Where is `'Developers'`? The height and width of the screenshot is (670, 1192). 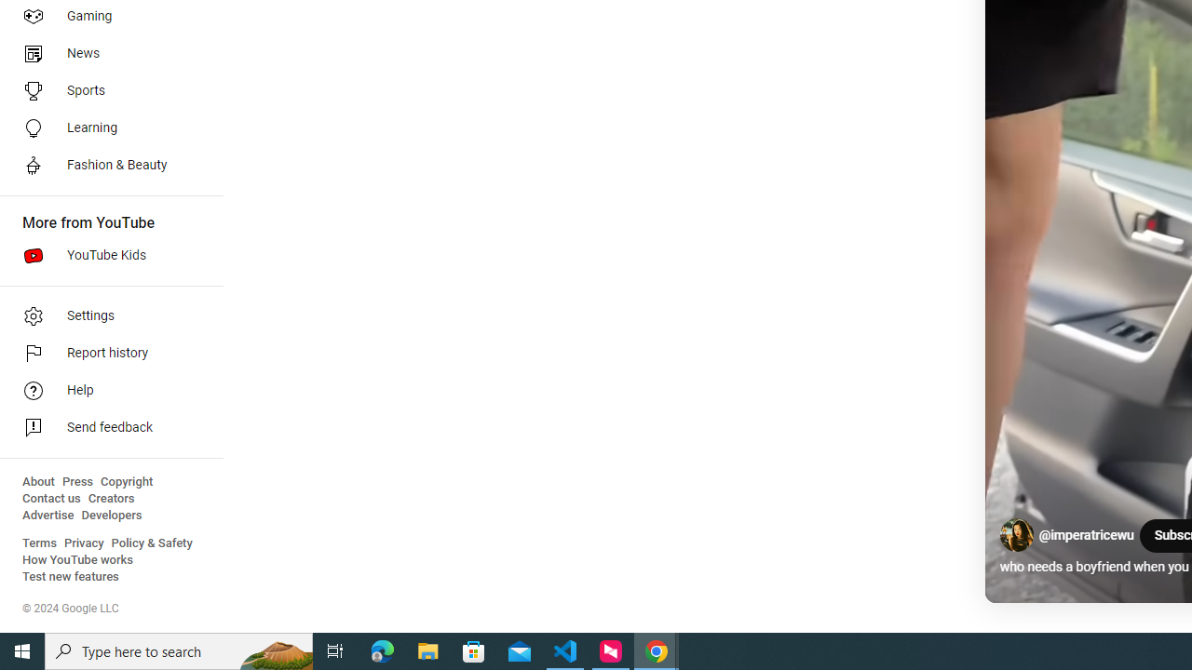
'Developers' is located at coordinates (111, 516).